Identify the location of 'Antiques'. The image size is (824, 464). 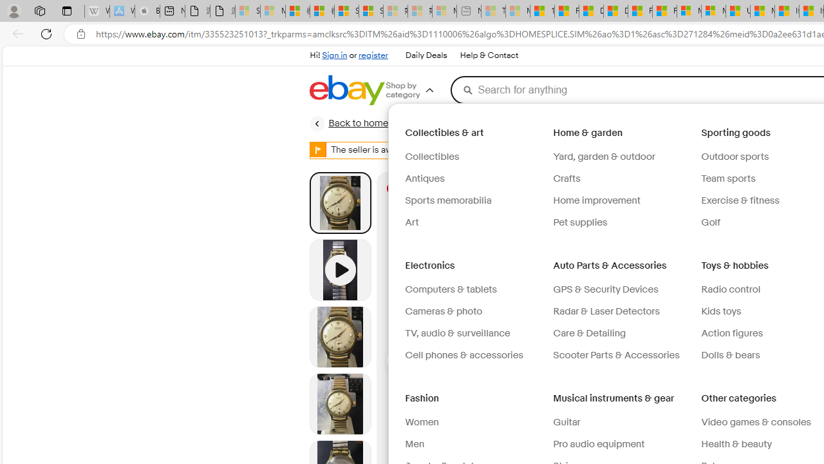
(424, 179).